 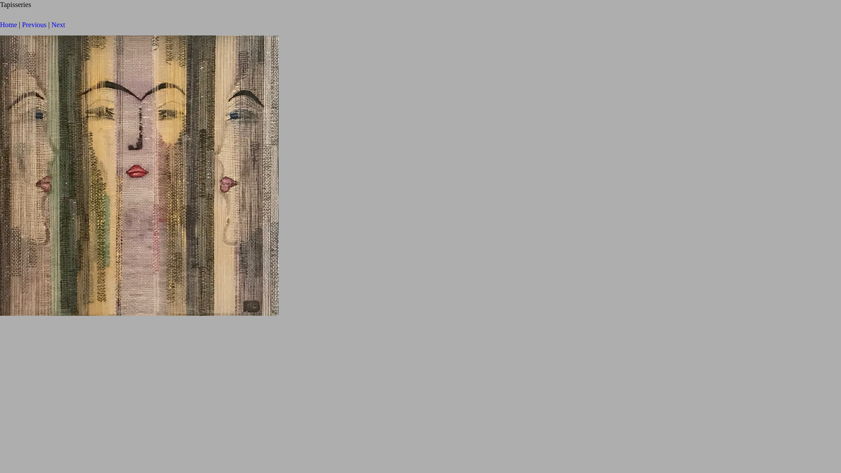 I want to click on 'Home', so click(x=8, y=24).